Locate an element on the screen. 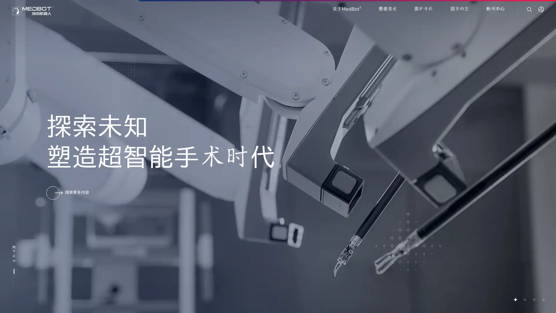 This screenshot has width=556, height=313. Go to slide 2 is located at coordinates (524, 299).